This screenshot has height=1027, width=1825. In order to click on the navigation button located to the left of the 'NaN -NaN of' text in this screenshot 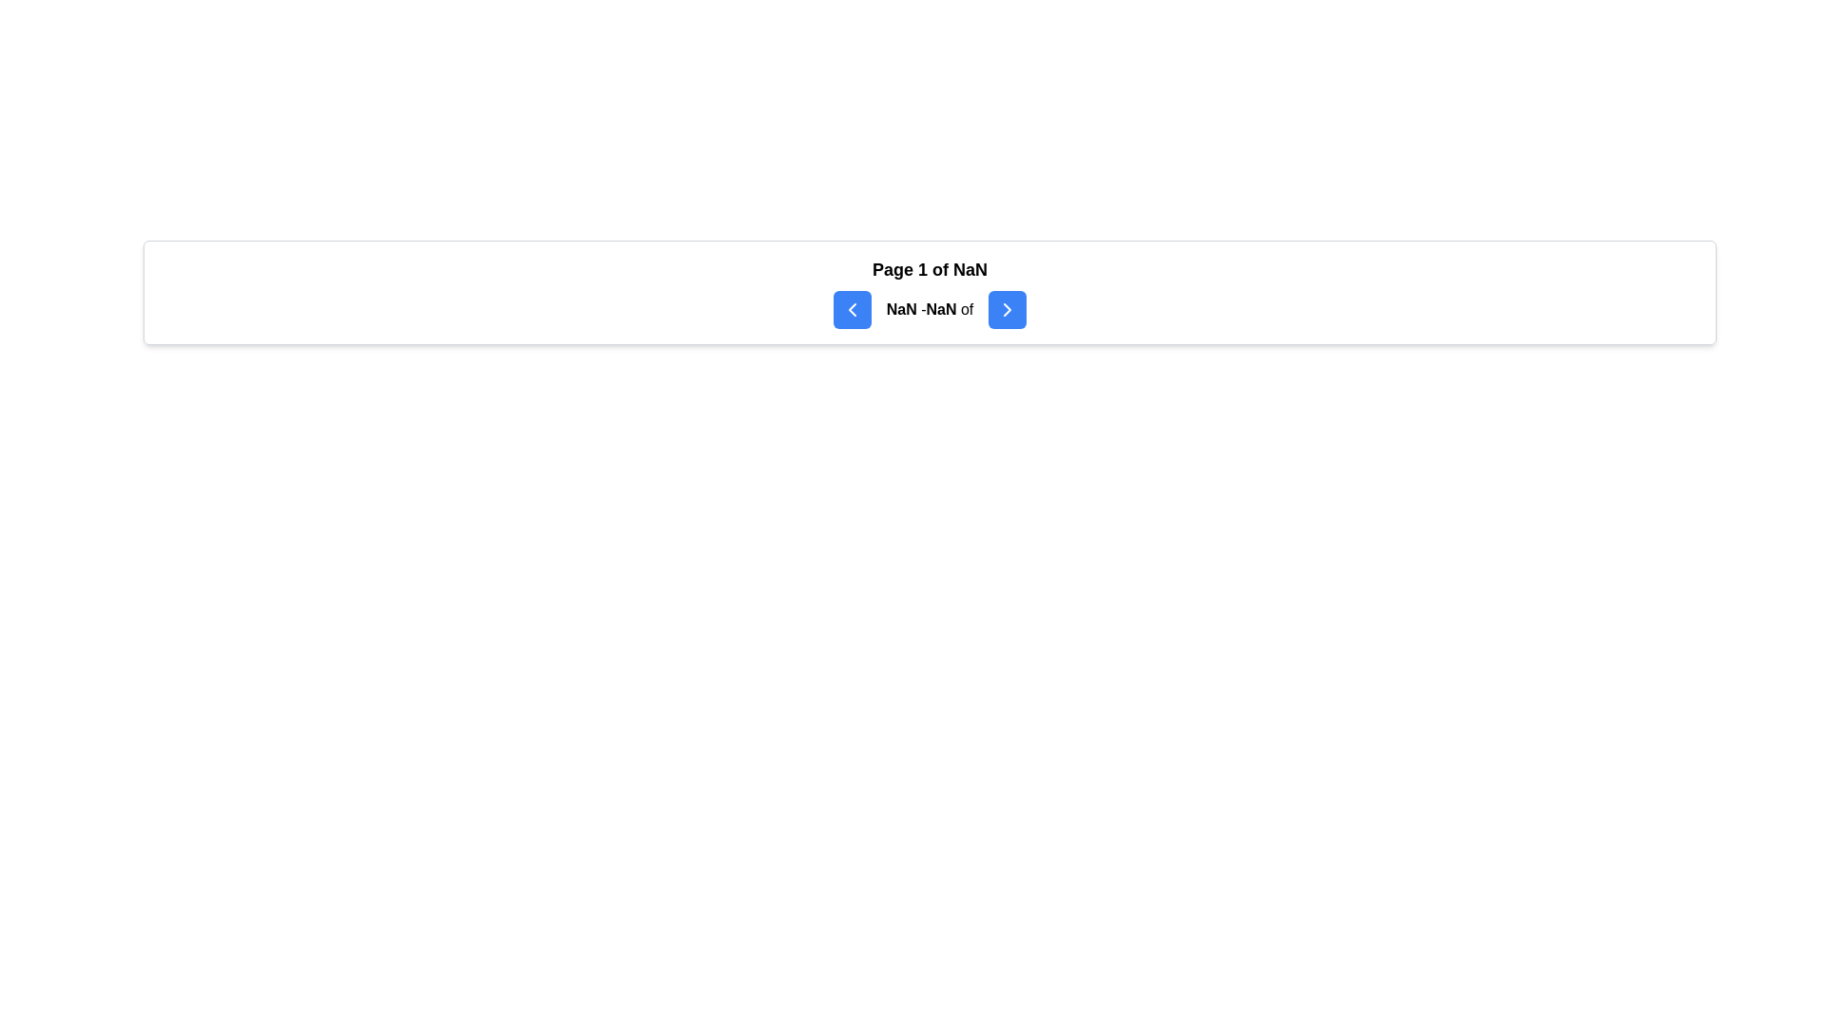, I will do `click(851, 309)`.